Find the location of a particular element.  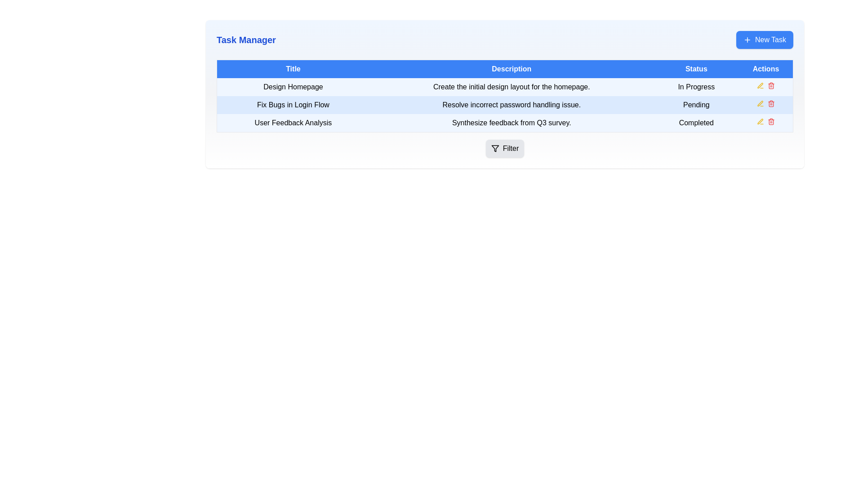

the 'Filter' button with a light gray background and rounded corners for accessibility navigation is located at coordinates (505, 148).